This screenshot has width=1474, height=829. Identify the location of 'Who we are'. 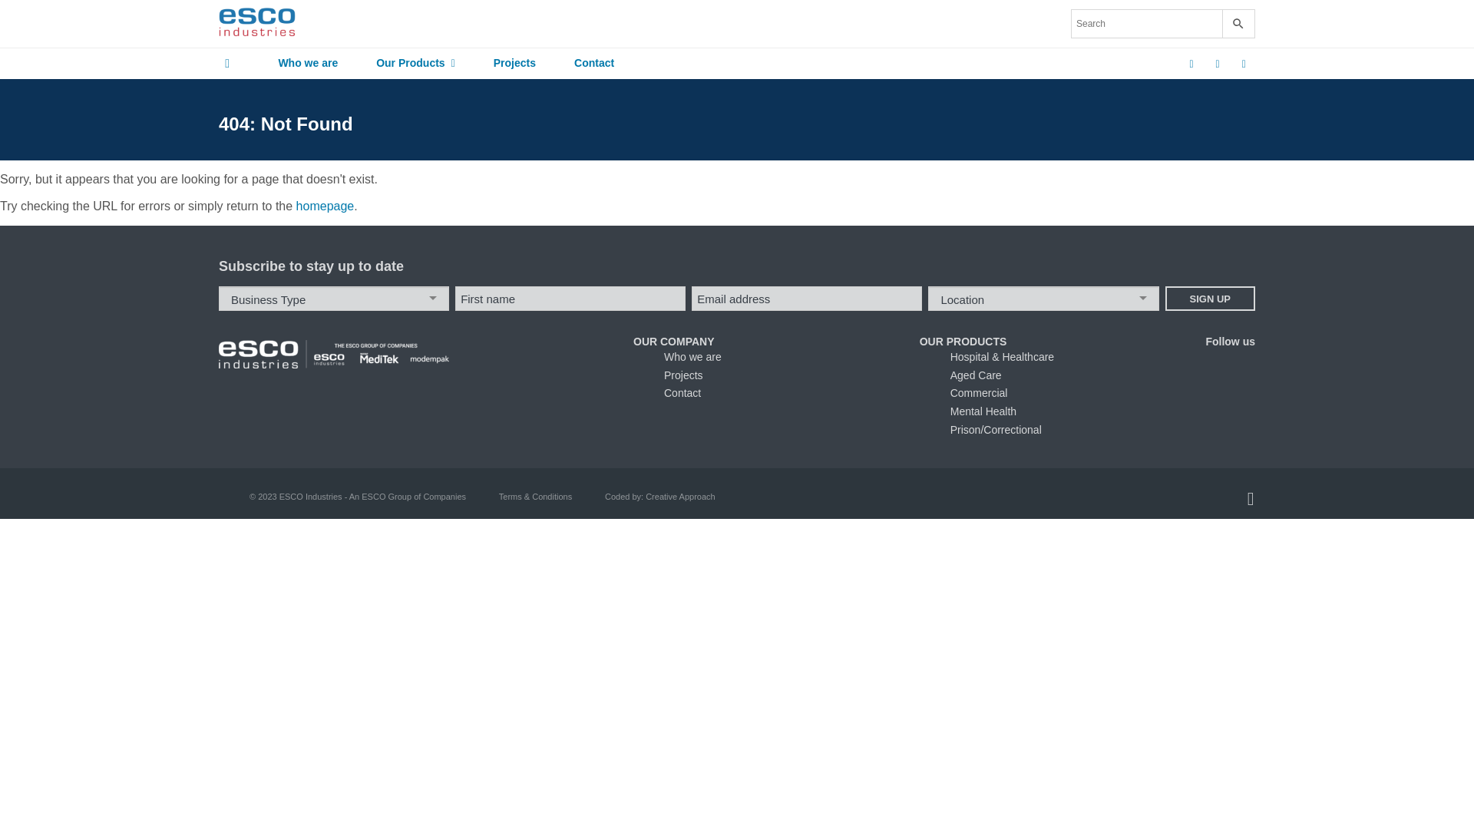
(258, 63).